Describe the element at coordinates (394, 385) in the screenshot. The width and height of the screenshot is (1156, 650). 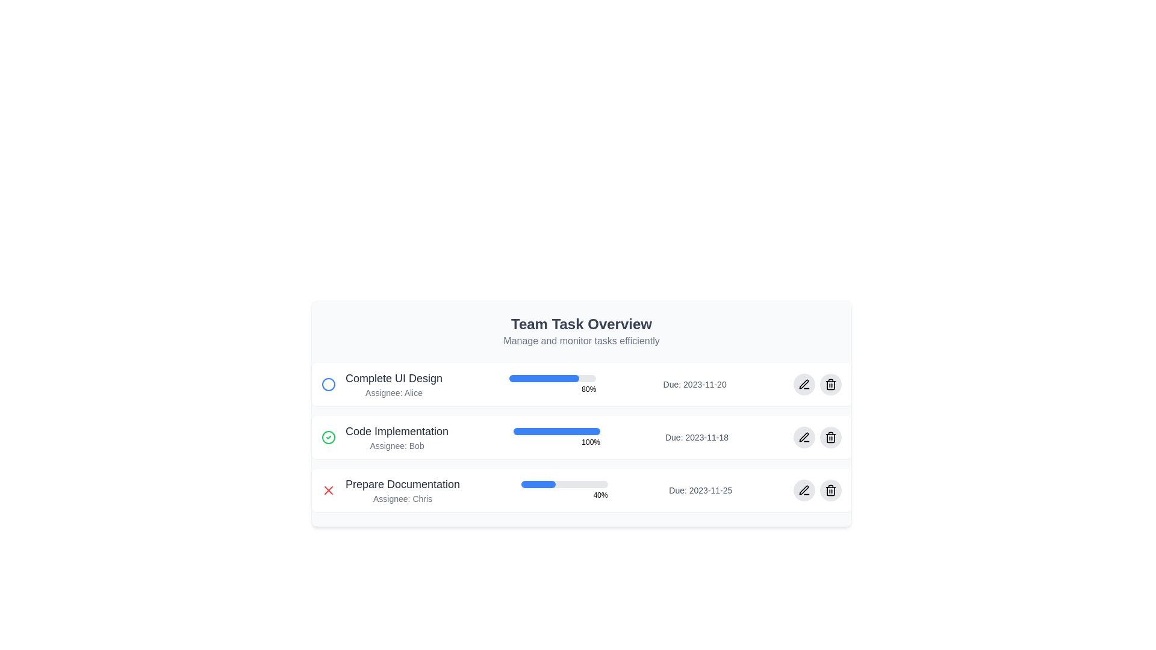
I see `the Text Block displaying the task 'Complete UI Design' assigned` at that location.